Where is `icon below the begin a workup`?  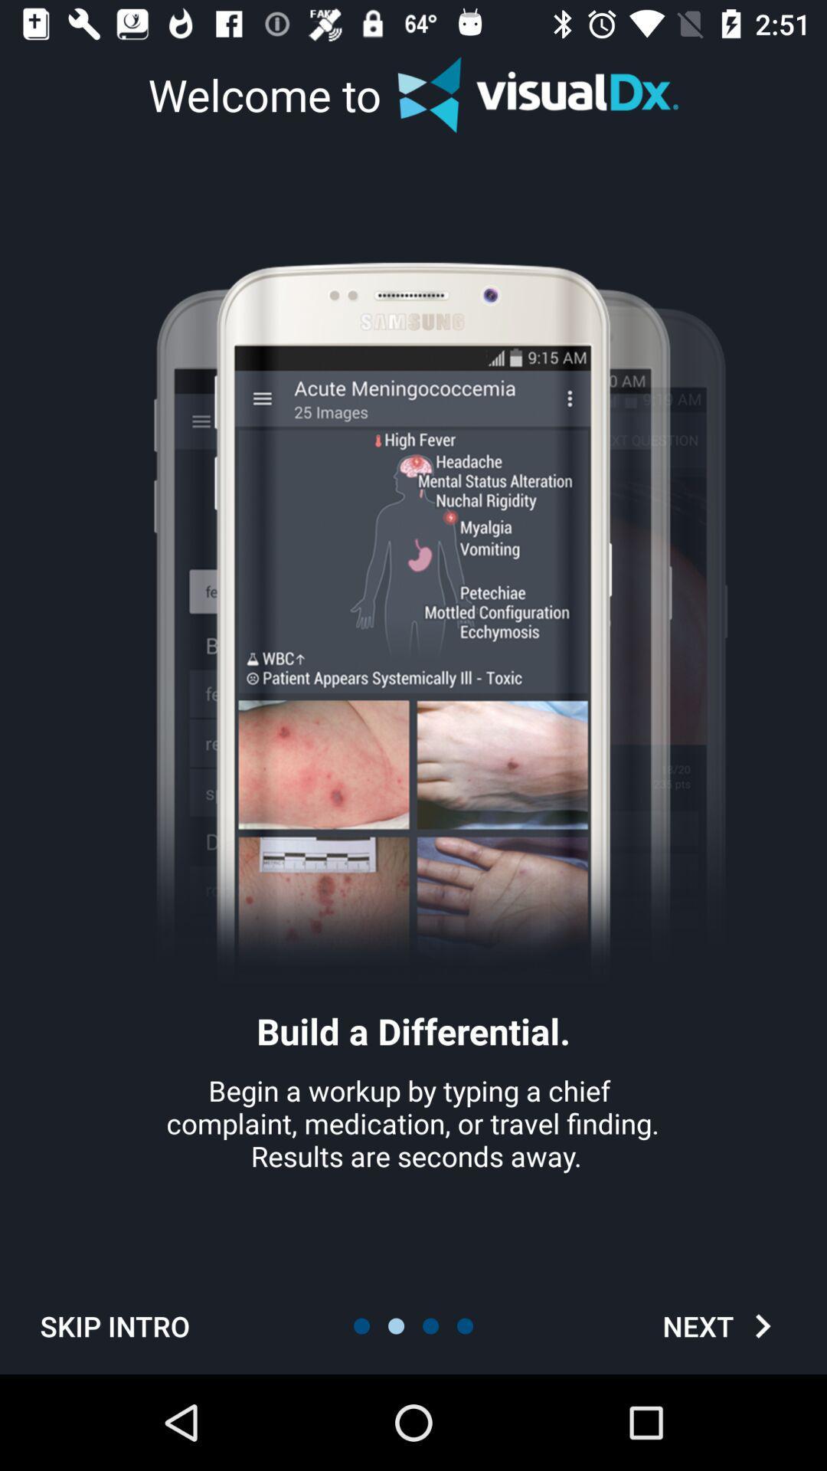 icon below the begin a workup is located at coordinates (722, 1325).